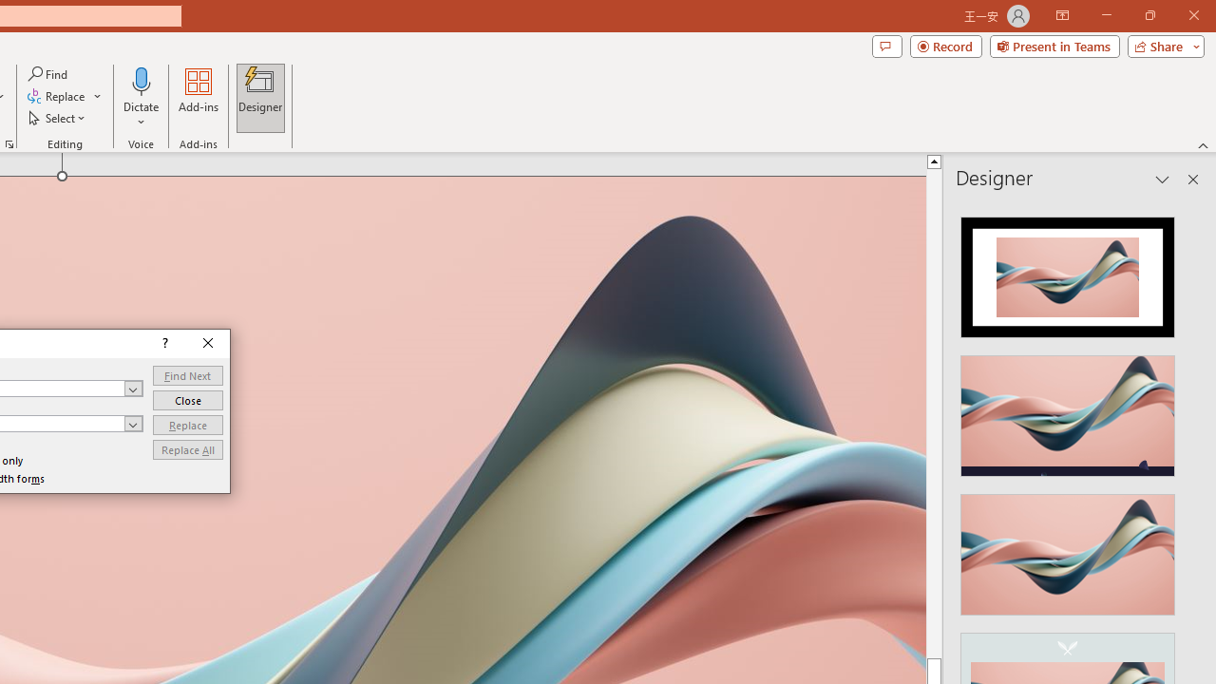 The image size is (1216, 684). Describe the element at coordinates (163, 344) in the screenshot. I see `'Context help'` at that location.